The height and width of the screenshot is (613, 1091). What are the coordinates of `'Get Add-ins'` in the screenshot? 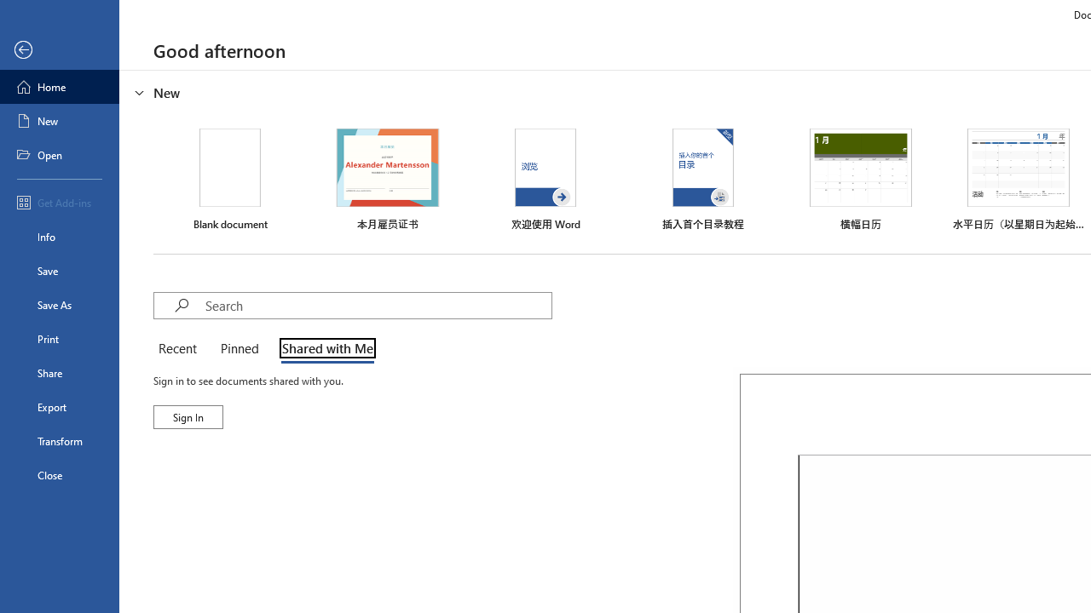 It's located at (59, 201).